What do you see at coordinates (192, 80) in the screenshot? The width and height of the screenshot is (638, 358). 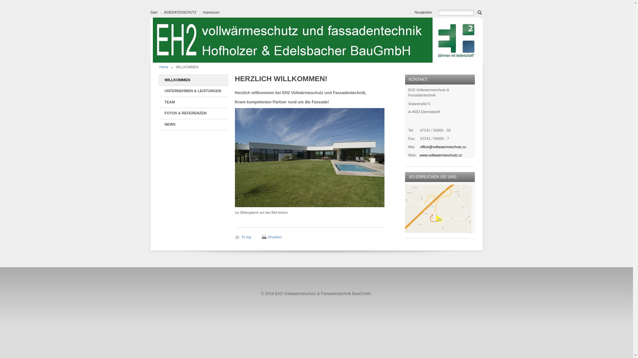 I see `'WILLKOMMEN'` at bounding box center [192, 80].